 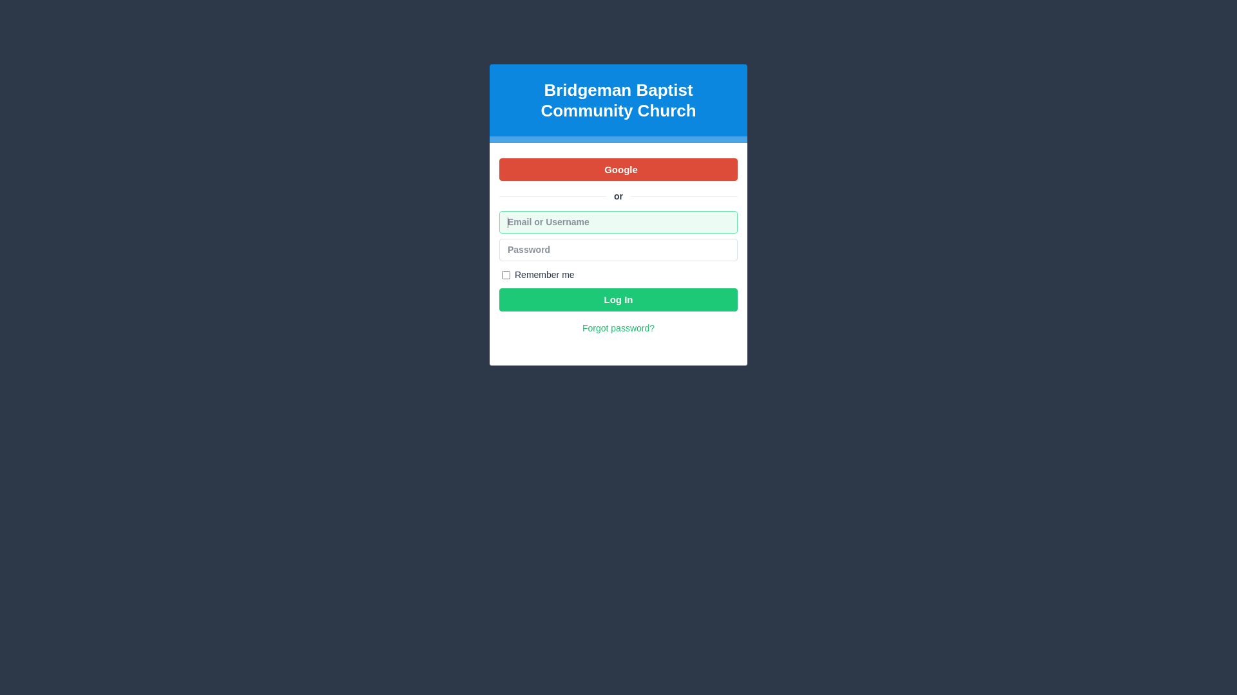 I want to click on 'Forgot password?', so click(x=618, y=327).